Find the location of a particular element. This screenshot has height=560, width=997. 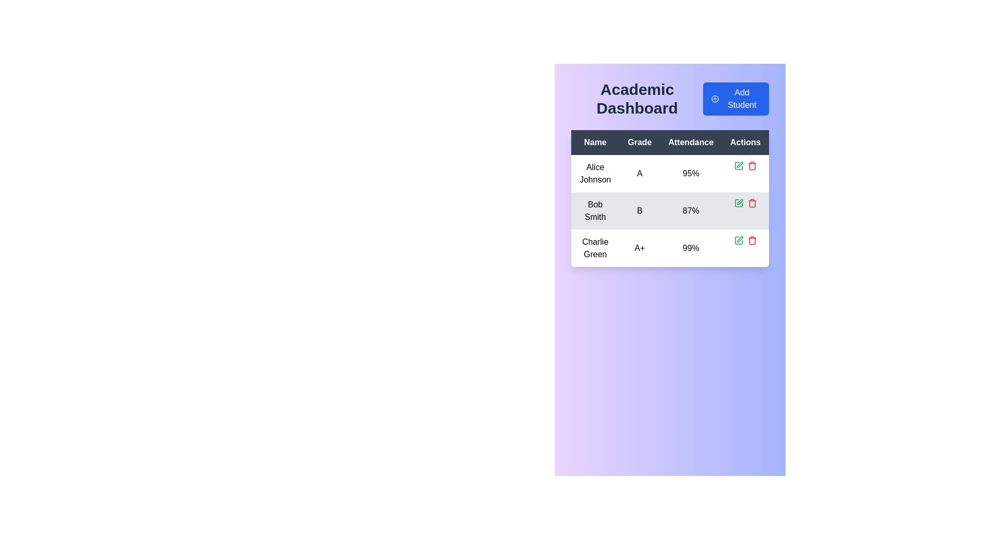

the green edit icon located in the 'Actions' column of the second row in the table for 'Bob Smith' is located at coordinates (738, 165).